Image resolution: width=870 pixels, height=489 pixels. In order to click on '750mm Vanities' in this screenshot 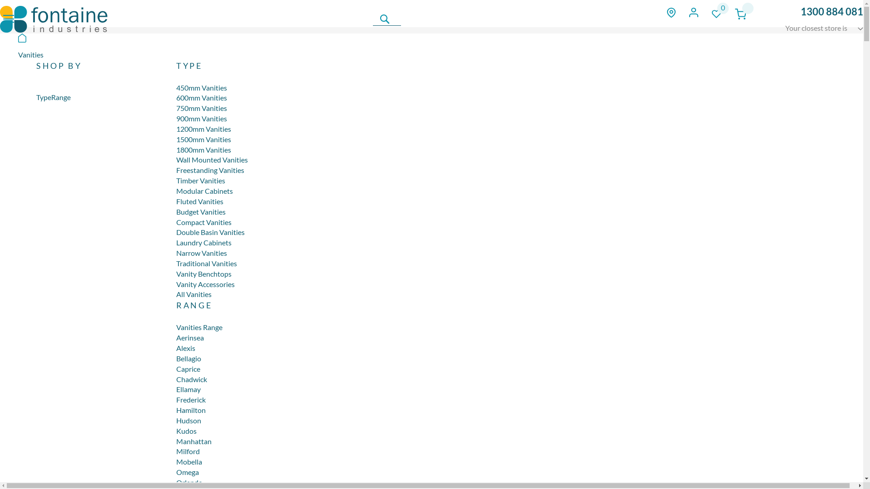, I will do `click(201, 107)`.